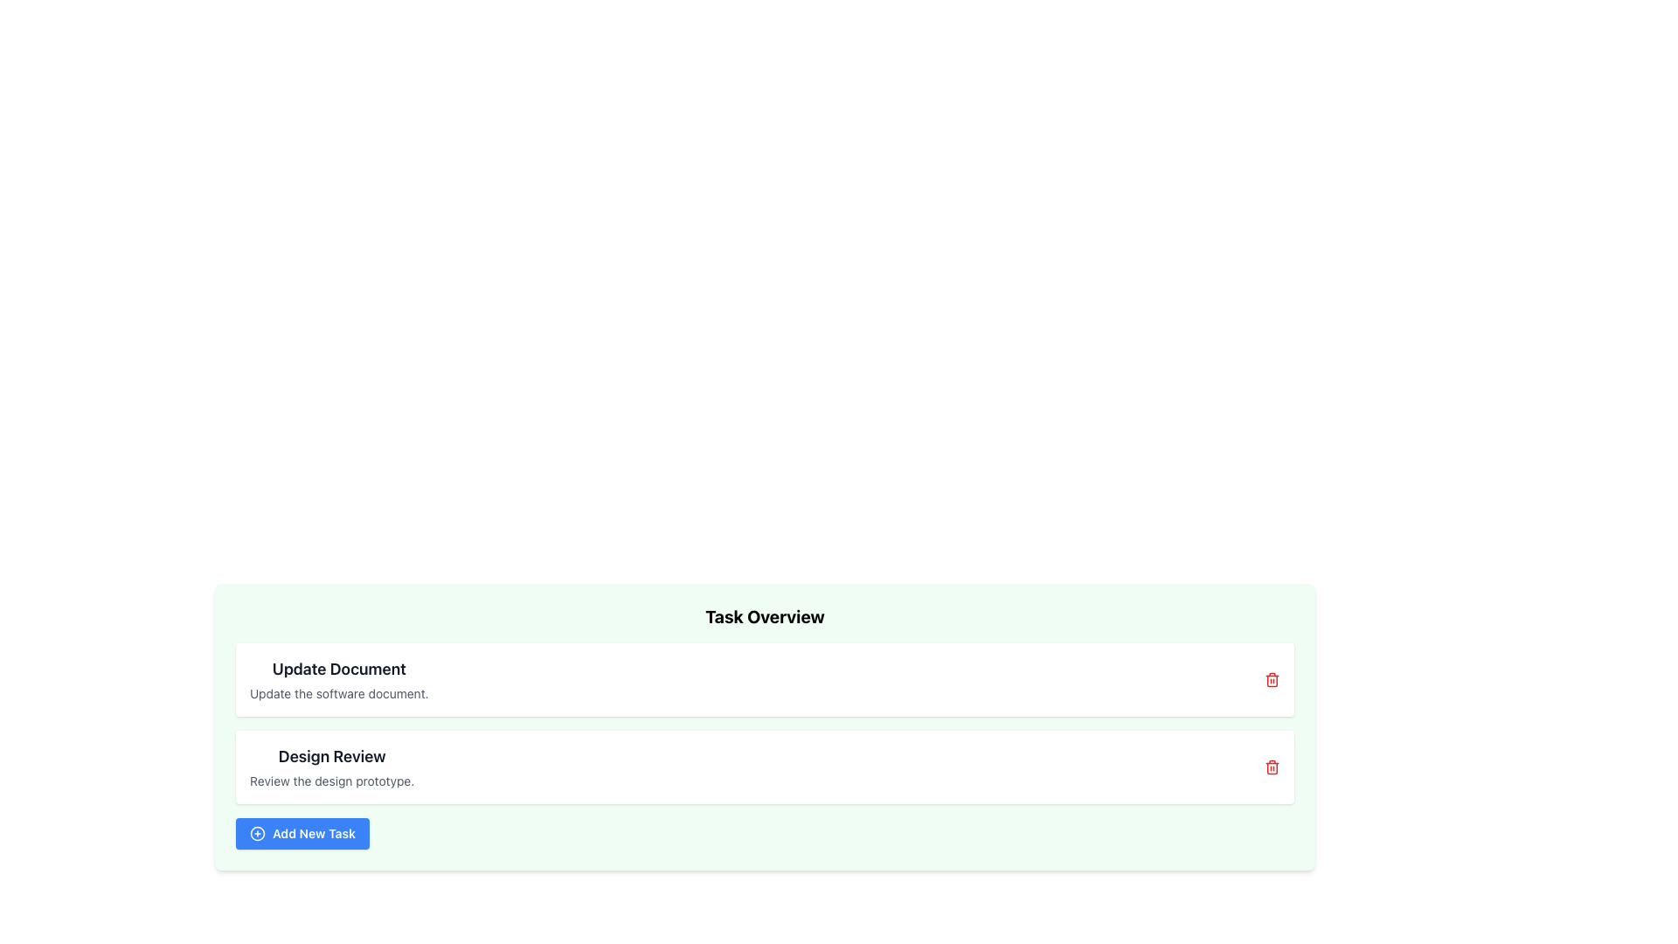 The width and height of the screenshot is (1678, 944). Describe the element at coordinates (1272, 767) in the screenshot. I see `the red trash bin icon button located at the top-right corner of the 'Design Review' card` at that location.